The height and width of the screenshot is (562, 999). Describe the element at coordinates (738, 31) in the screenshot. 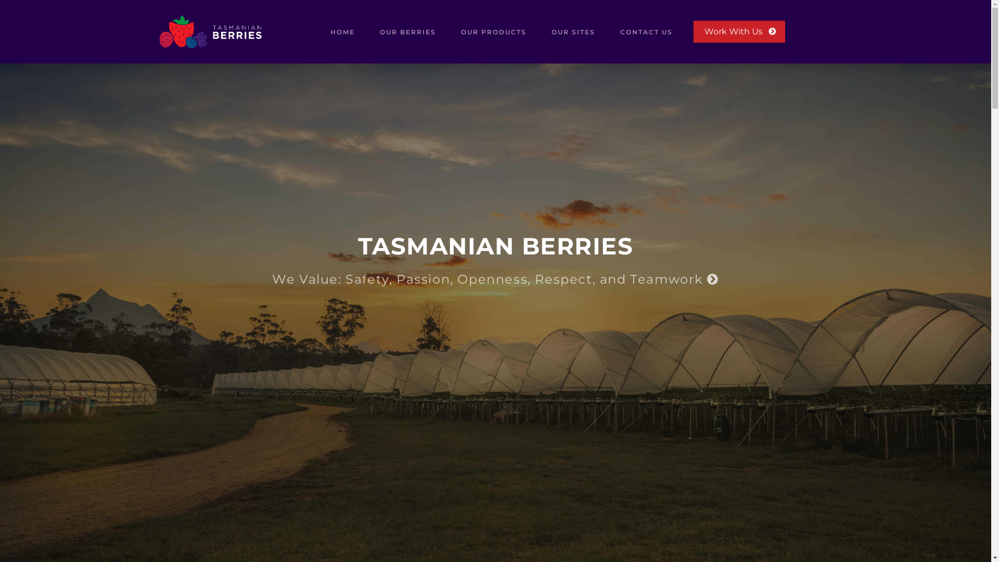

I see `'Work With Us'` at that location.